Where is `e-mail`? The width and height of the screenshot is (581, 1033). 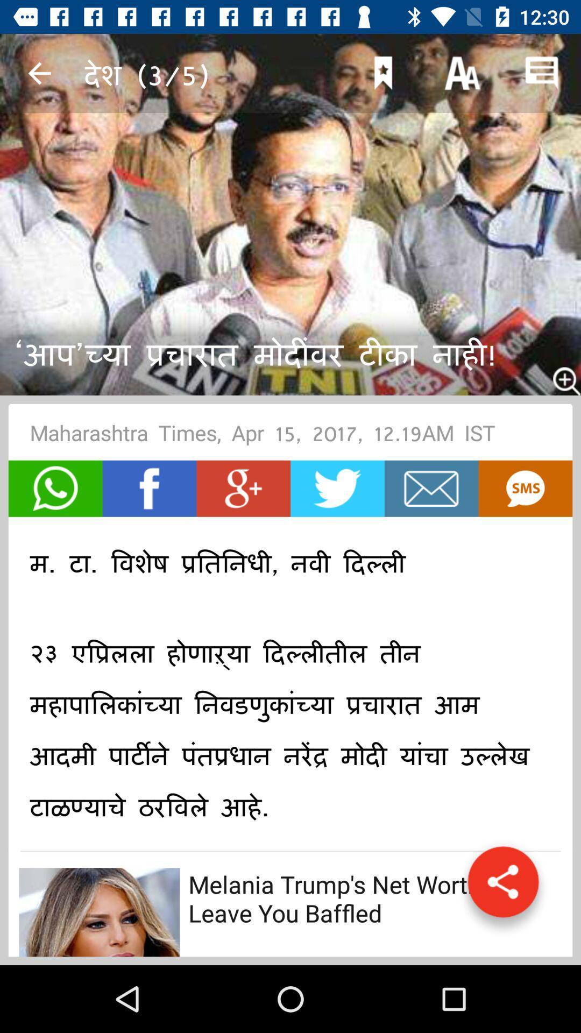 e-mail is located at coordinates (431, 488).